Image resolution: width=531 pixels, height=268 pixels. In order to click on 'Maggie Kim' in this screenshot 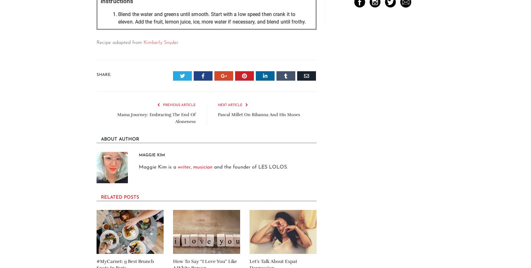, I will do `click(152, 154)`.